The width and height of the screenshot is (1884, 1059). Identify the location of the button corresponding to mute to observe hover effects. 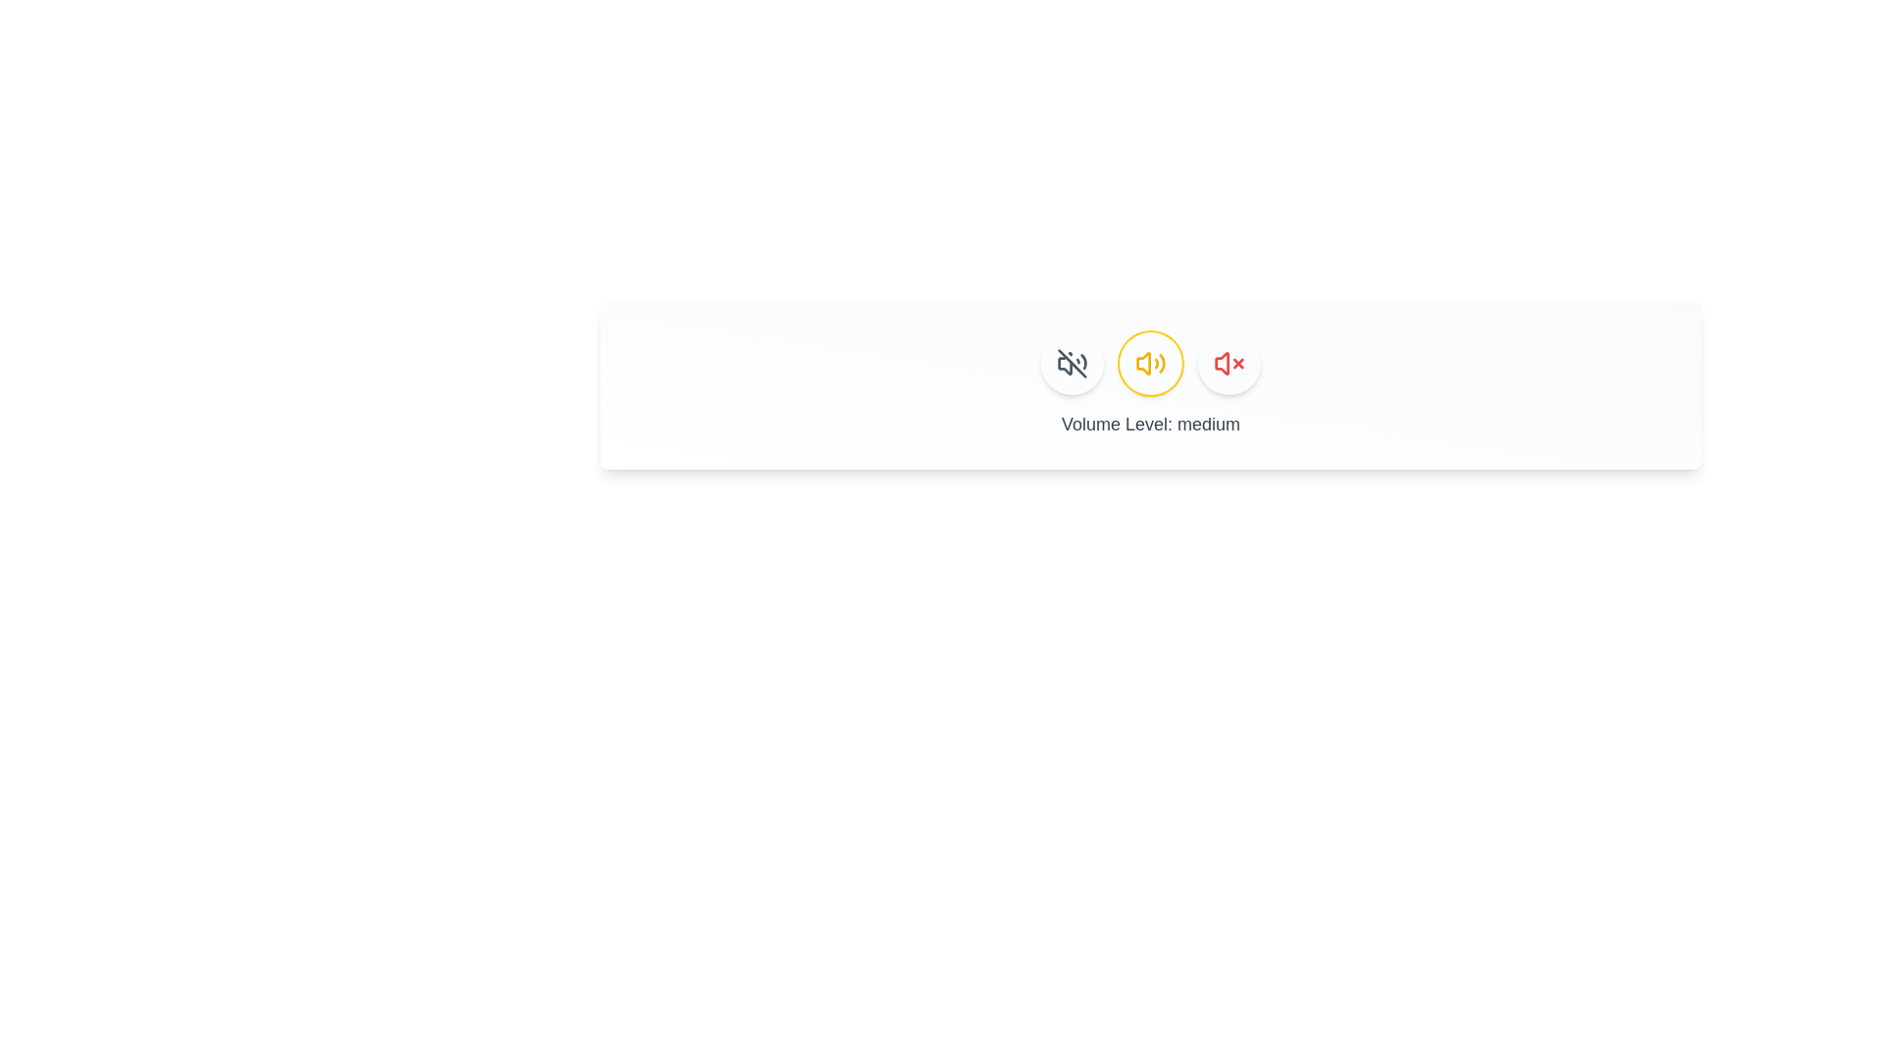
(1072, 363).